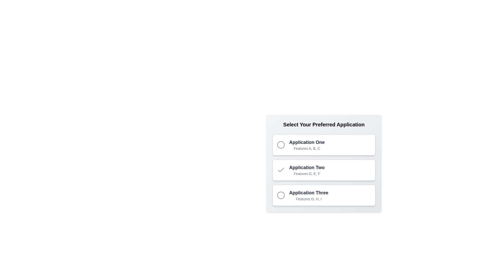 Image resolution: width=494 pixels, height=278 pixels. What do you see at coordinates (307, 174) in the screenshot?
I see `the static text label providing additional details about 'Application Two' to gain focus` at bounding box center [307, 174].